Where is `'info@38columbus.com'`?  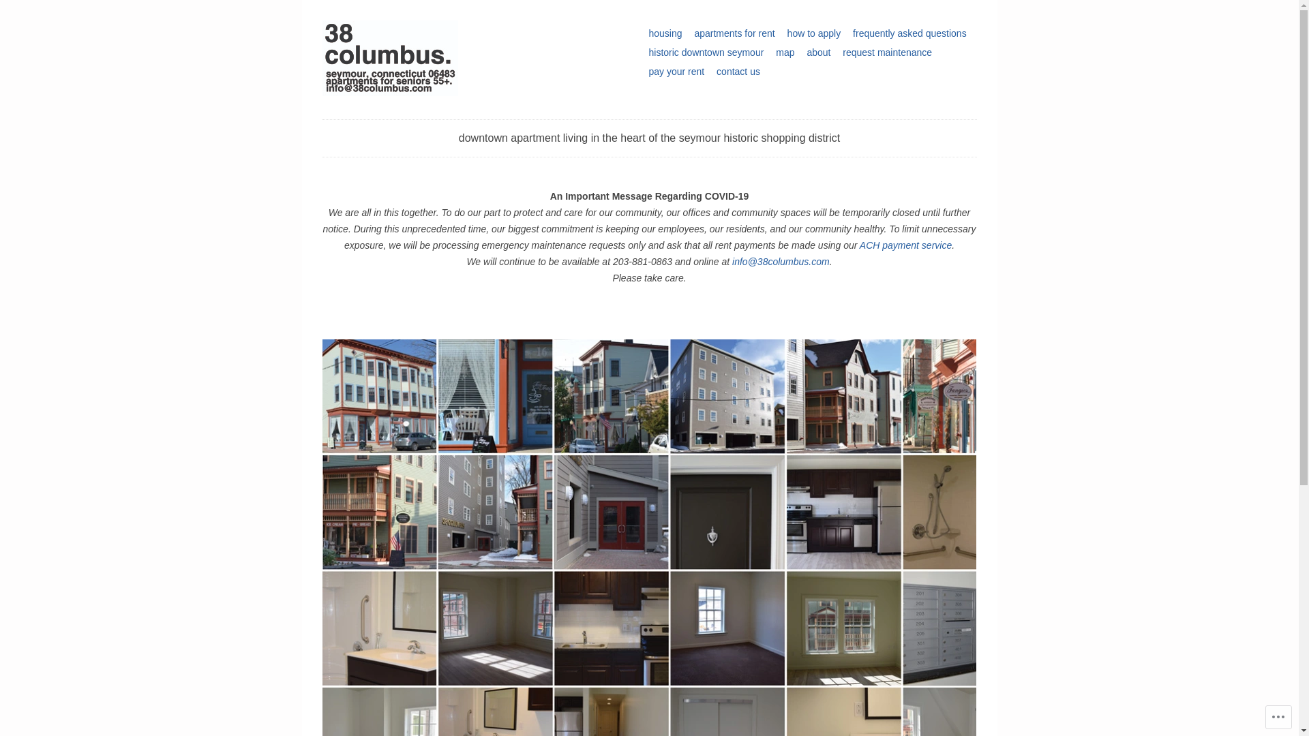
'info@38columbus.com' is located at coordinates (781, 262).